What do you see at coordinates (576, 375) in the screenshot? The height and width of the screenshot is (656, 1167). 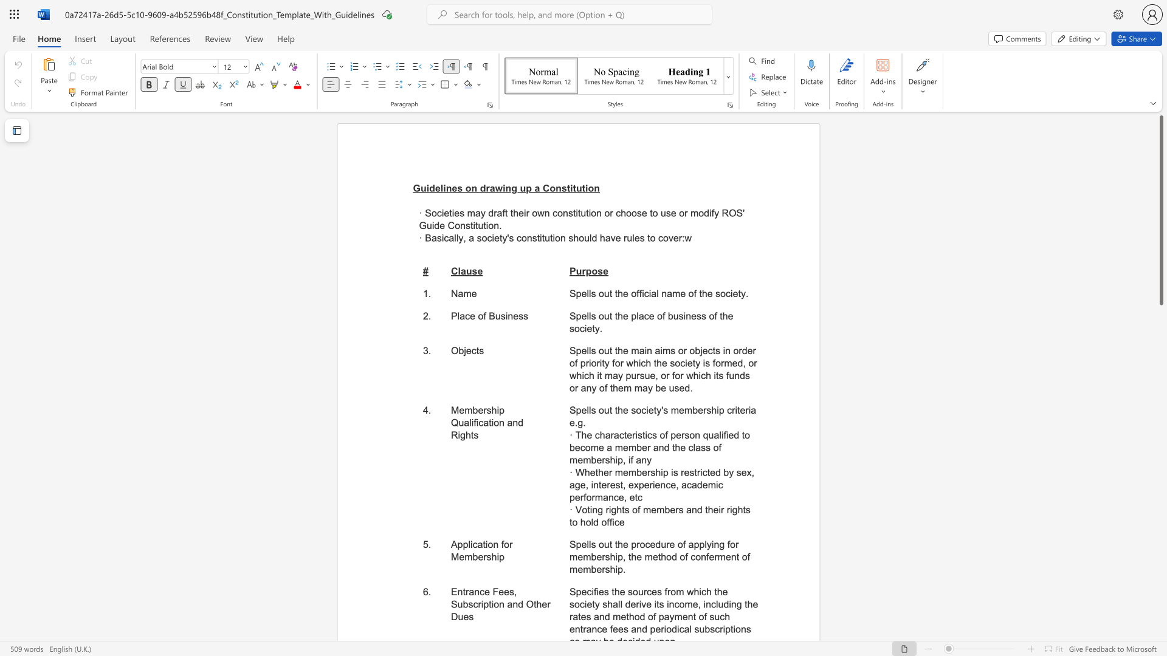 I see `the subset text "hich it may pursue, or for which its funds or a" within the text "Spells out the main aims or objects in order of priority for which the society is formed, or which it may pursue, or for which its funds or any of them may be used."` at bounding box center [576, 375].